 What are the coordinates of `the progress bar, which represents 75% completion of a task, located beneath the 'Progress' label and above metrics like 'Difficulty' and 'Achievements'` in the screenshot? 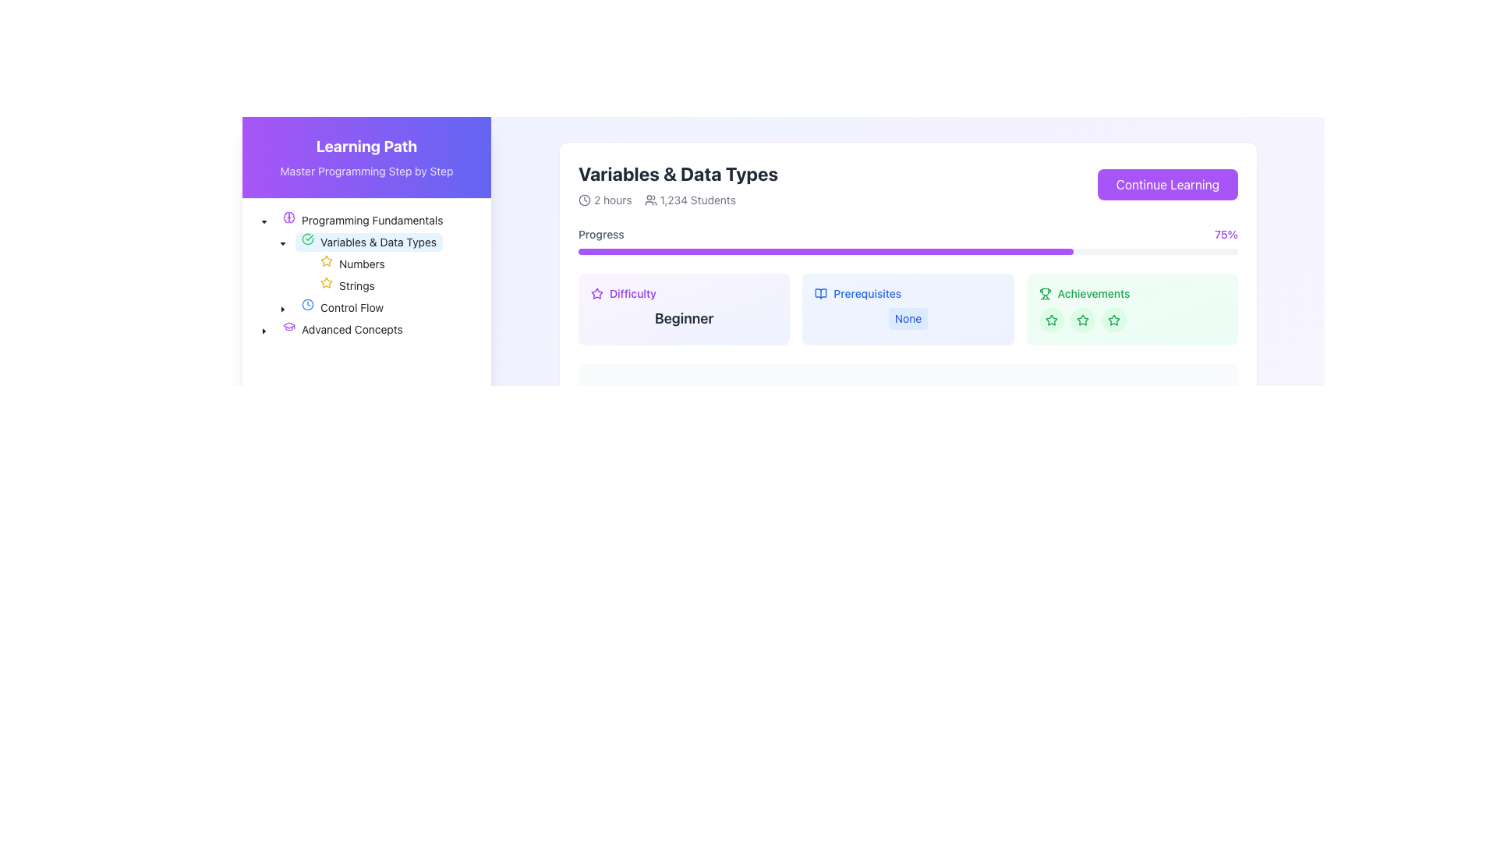 It's located at (908, 251).